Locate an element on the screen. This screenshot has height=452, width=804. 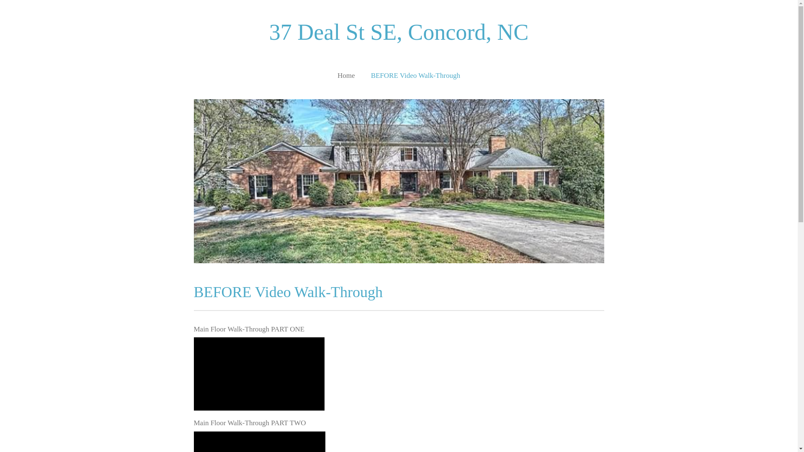
'BEFORE Video Walk-Through' is located at coordinates (415, 75).